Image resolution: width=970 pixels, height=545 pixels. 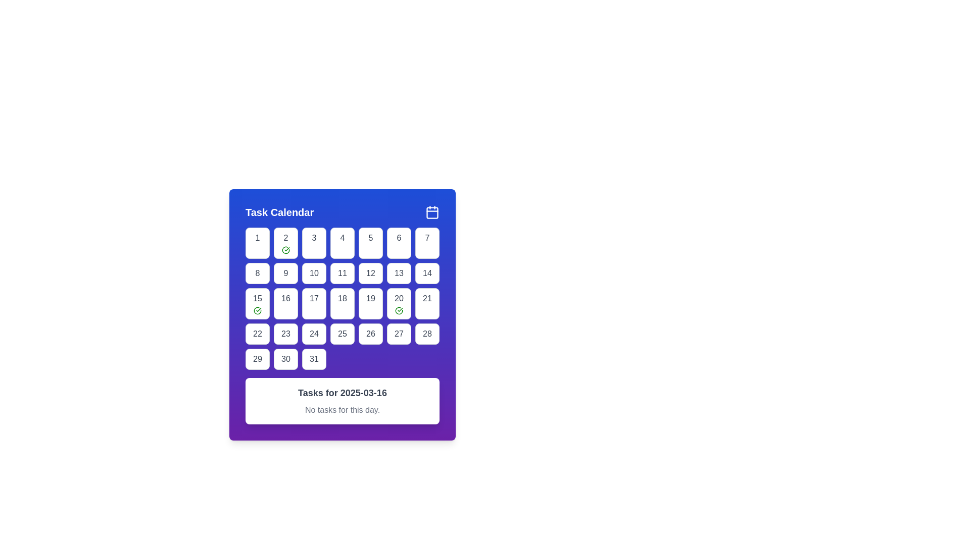 What do you see at coordinates (257, 359) in the screenshot?
I see `the Text Label representing the day '29' in the lower-left section of the calendar grid` at bounding box center [257, 359].